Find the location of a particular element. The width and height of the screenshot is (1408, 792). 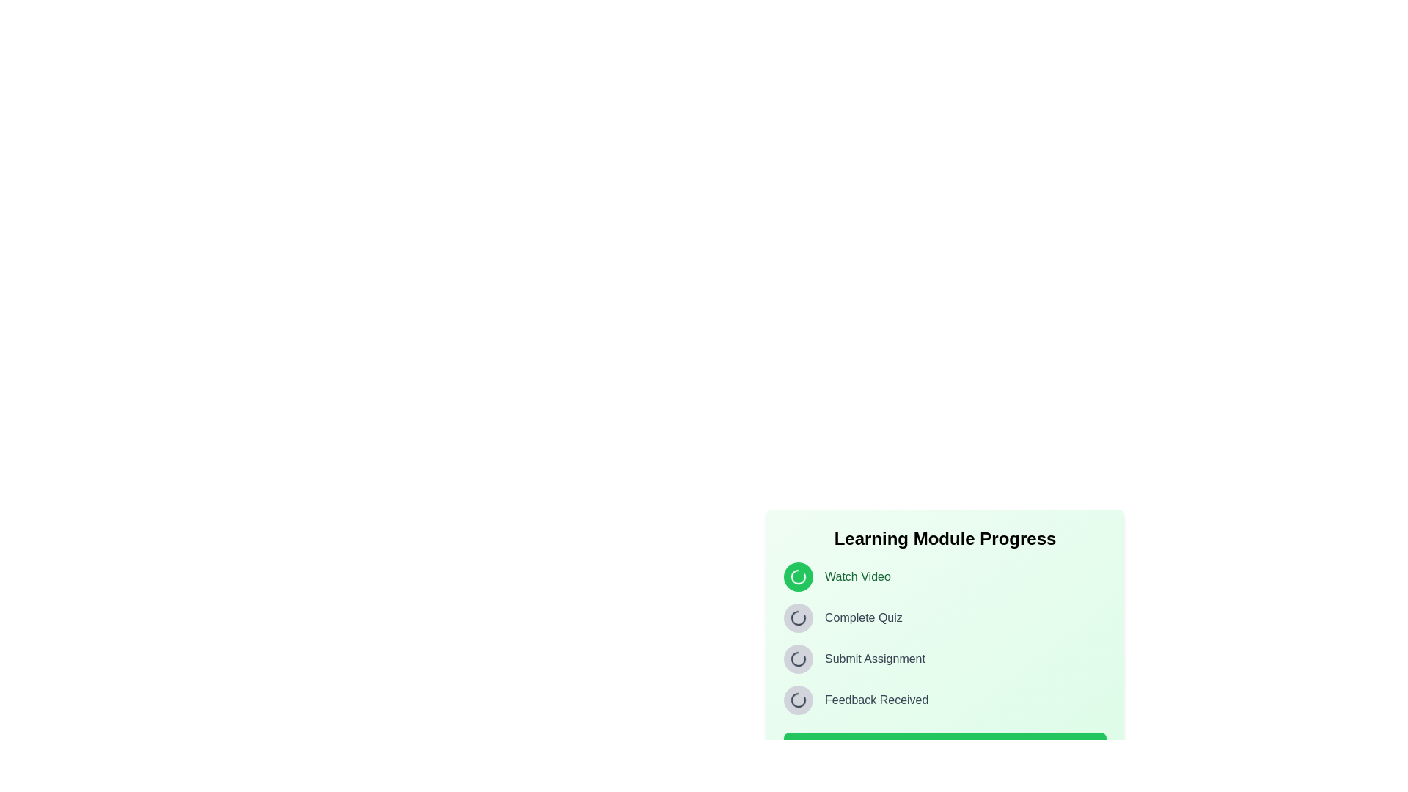

the Animated icon representing the status of the 'Watch Video' task, which is located in the top left corner of the progress section, adjacent to the text 'Watch Video' is located at coordinates (798, 576).